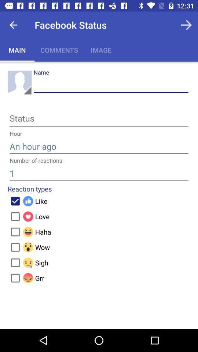  I want to click on the avatar icon, so click(19, 82).